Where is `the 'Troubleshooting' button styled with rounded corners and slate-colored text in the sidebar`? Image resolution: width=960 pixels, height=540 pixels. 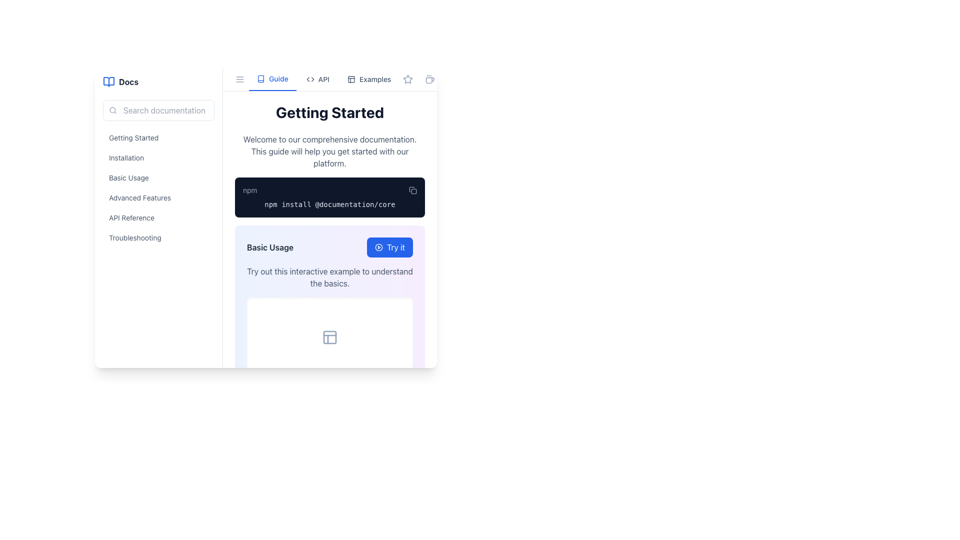
the 'Troubleshooting' button styled with rounded corners and slate-colored text in the sidebar is located at coordinates (158, 237).